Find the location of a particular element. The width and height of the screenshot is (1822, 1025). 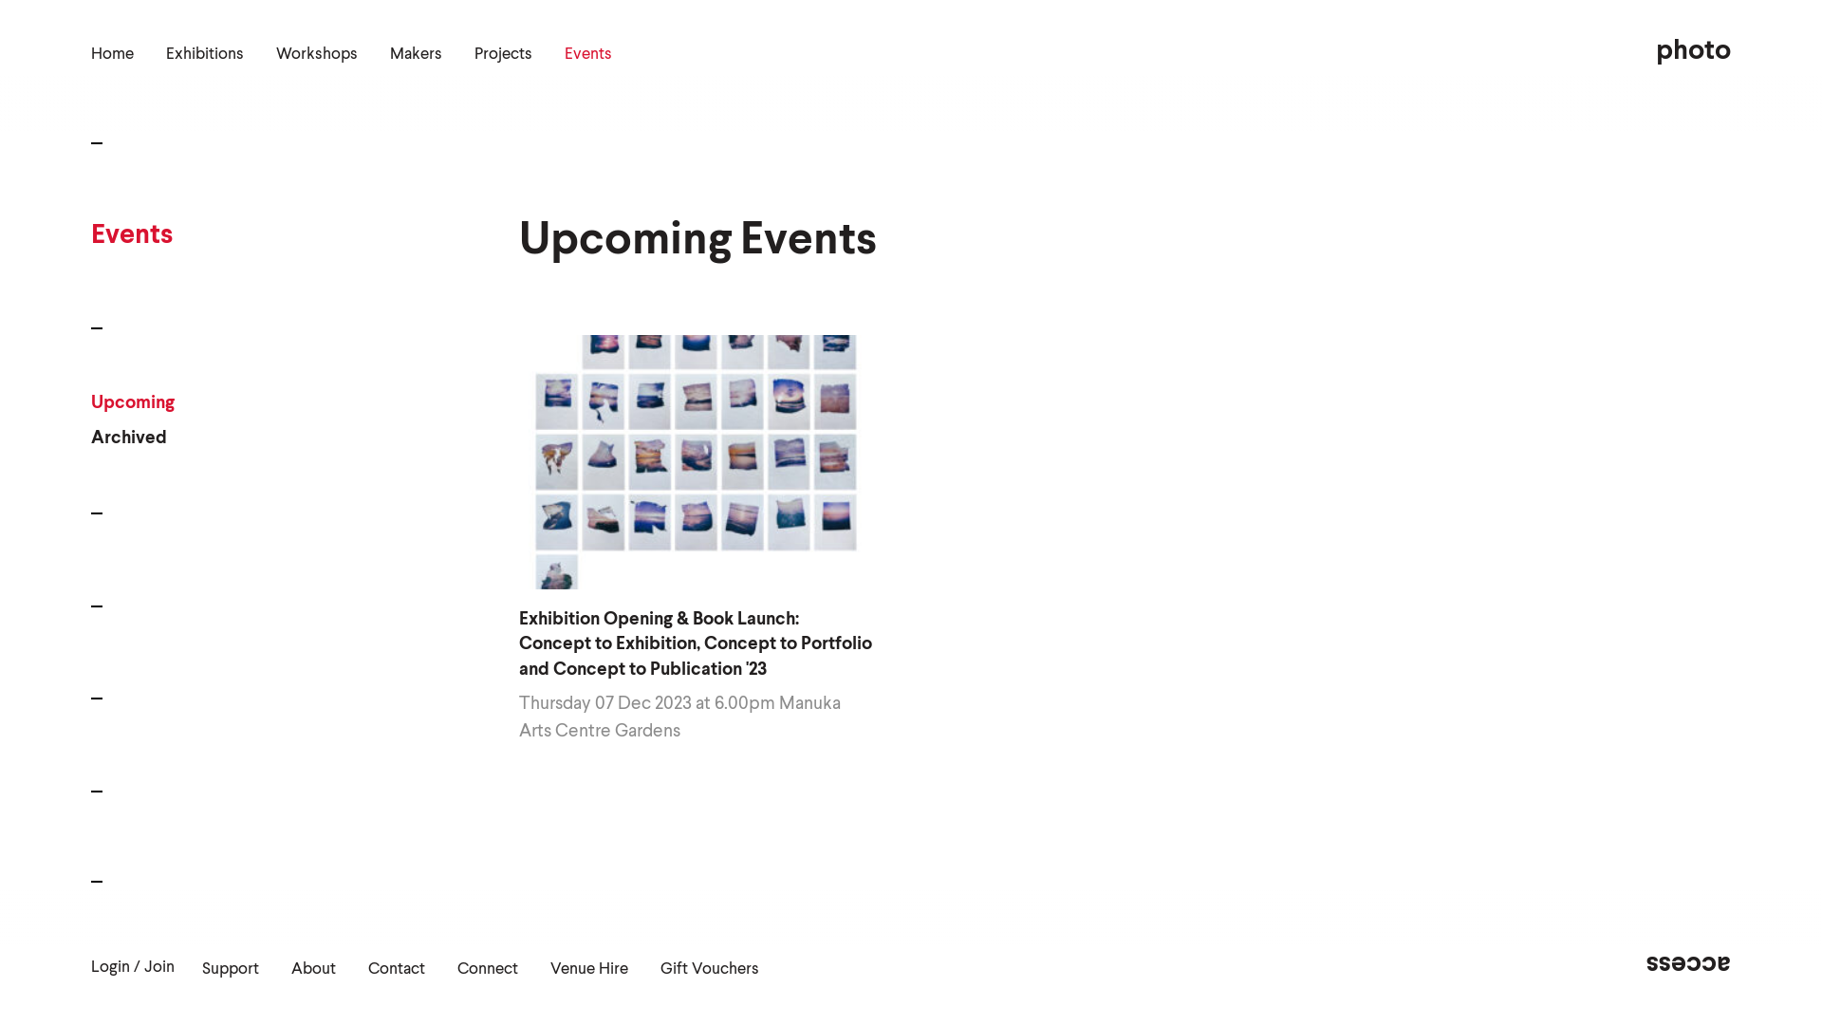

'Gift Vouchers' is located at coordinates (660, 969).